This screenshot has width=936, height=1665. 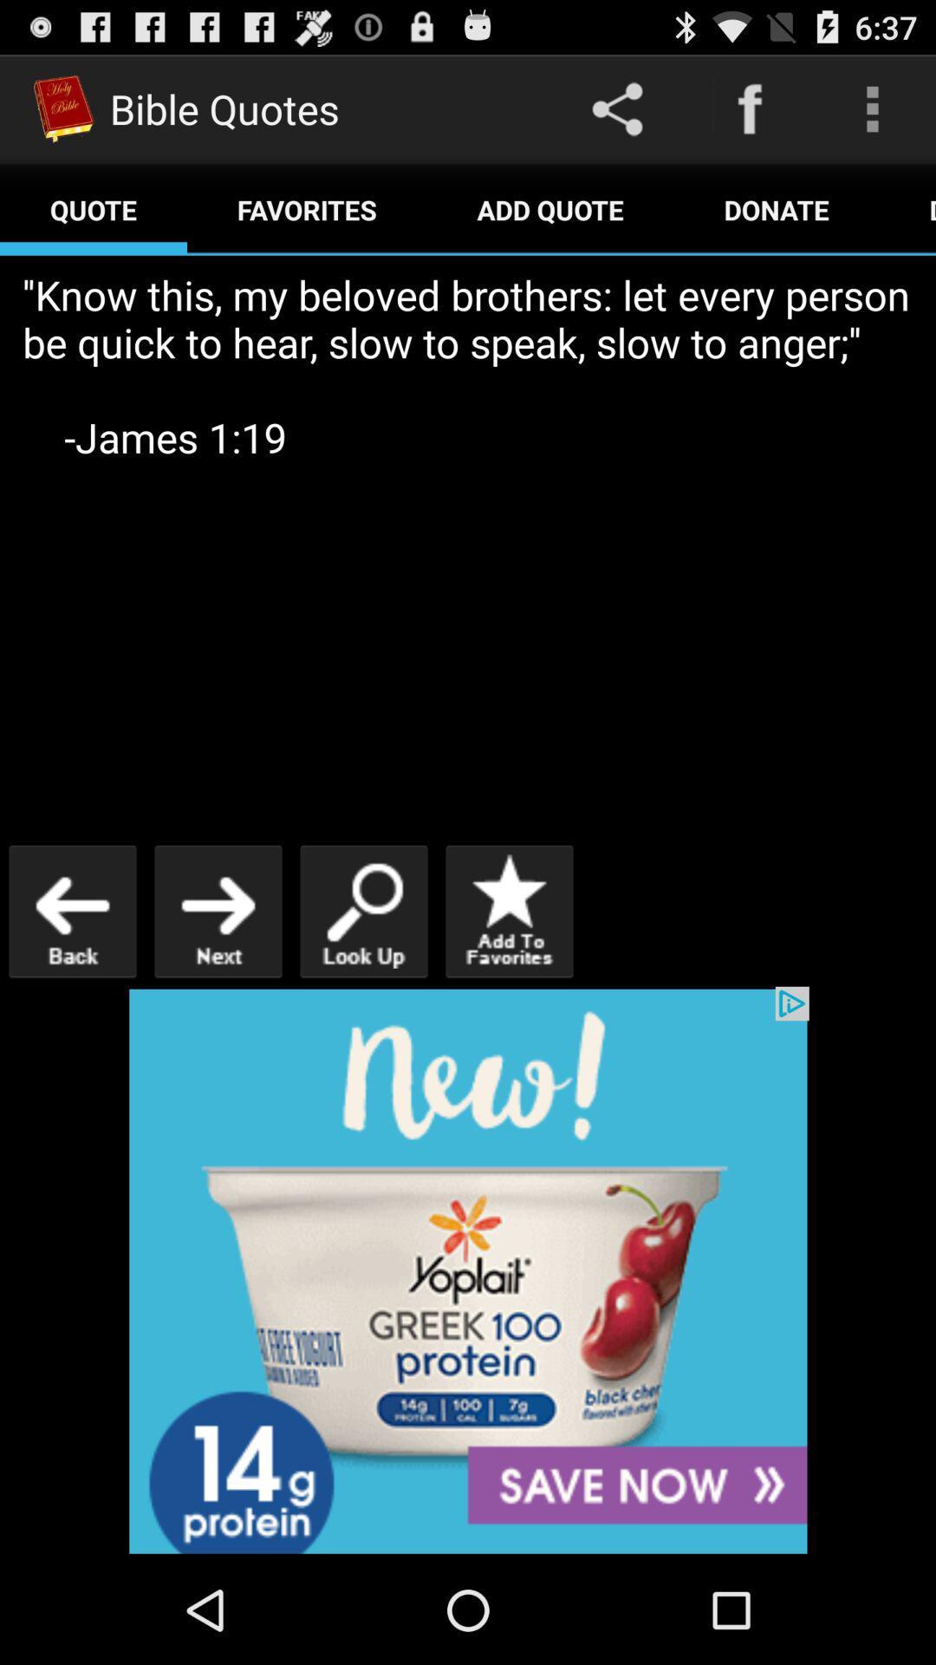 I want to click on favorite, so click(x=508, y=911).